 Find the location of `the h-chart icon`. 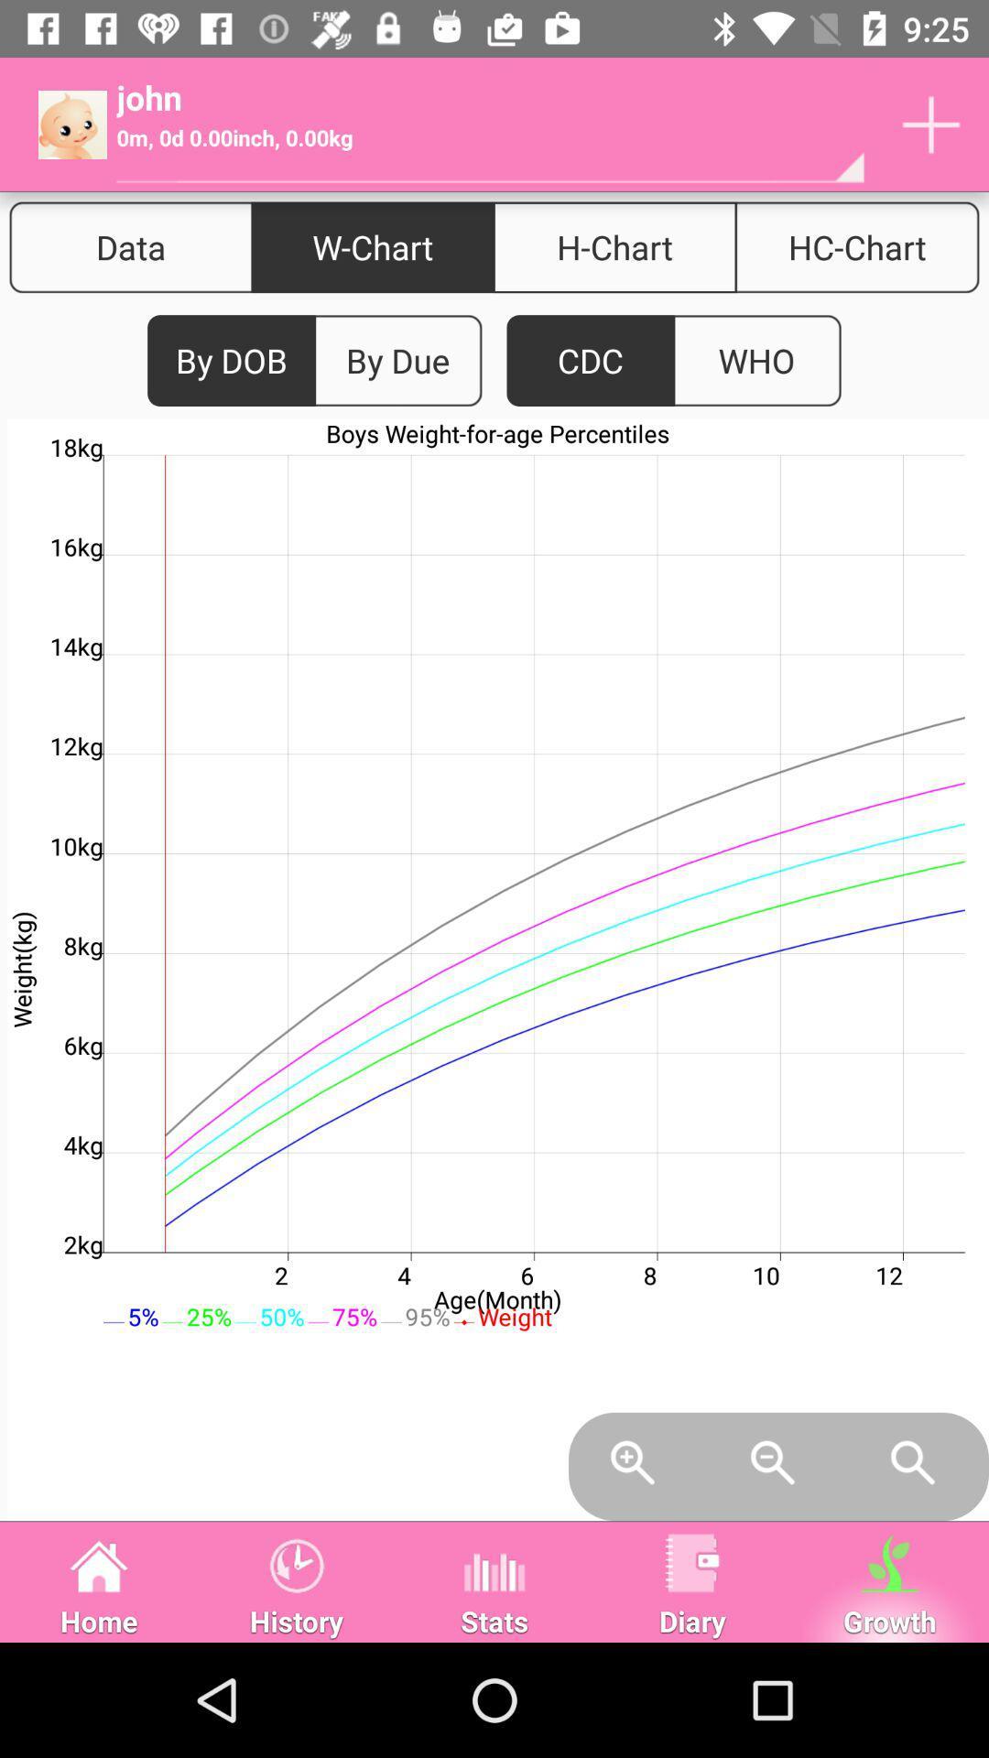

the h-chart icon is located at coordinates (614, 246).